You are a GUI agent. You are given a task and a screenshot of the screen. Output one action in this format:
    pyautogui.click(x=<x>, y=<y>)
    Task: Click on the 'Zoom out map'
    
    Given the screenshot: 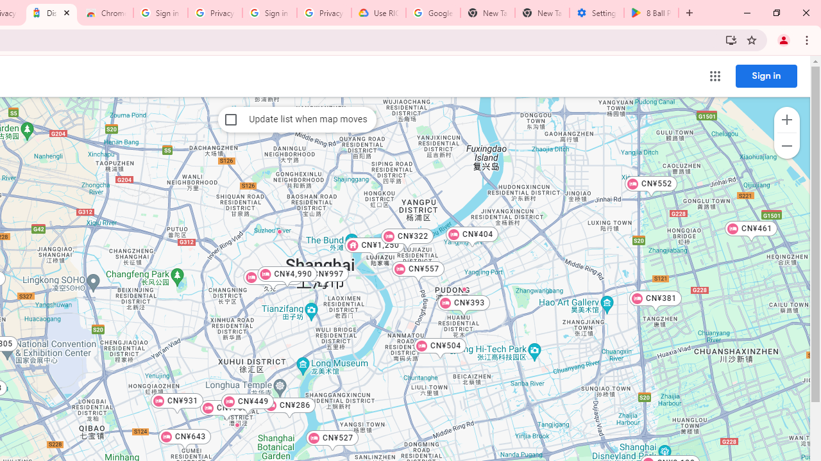 What is the action you would take?
    pyautogui.click(x=786, y=145)
    